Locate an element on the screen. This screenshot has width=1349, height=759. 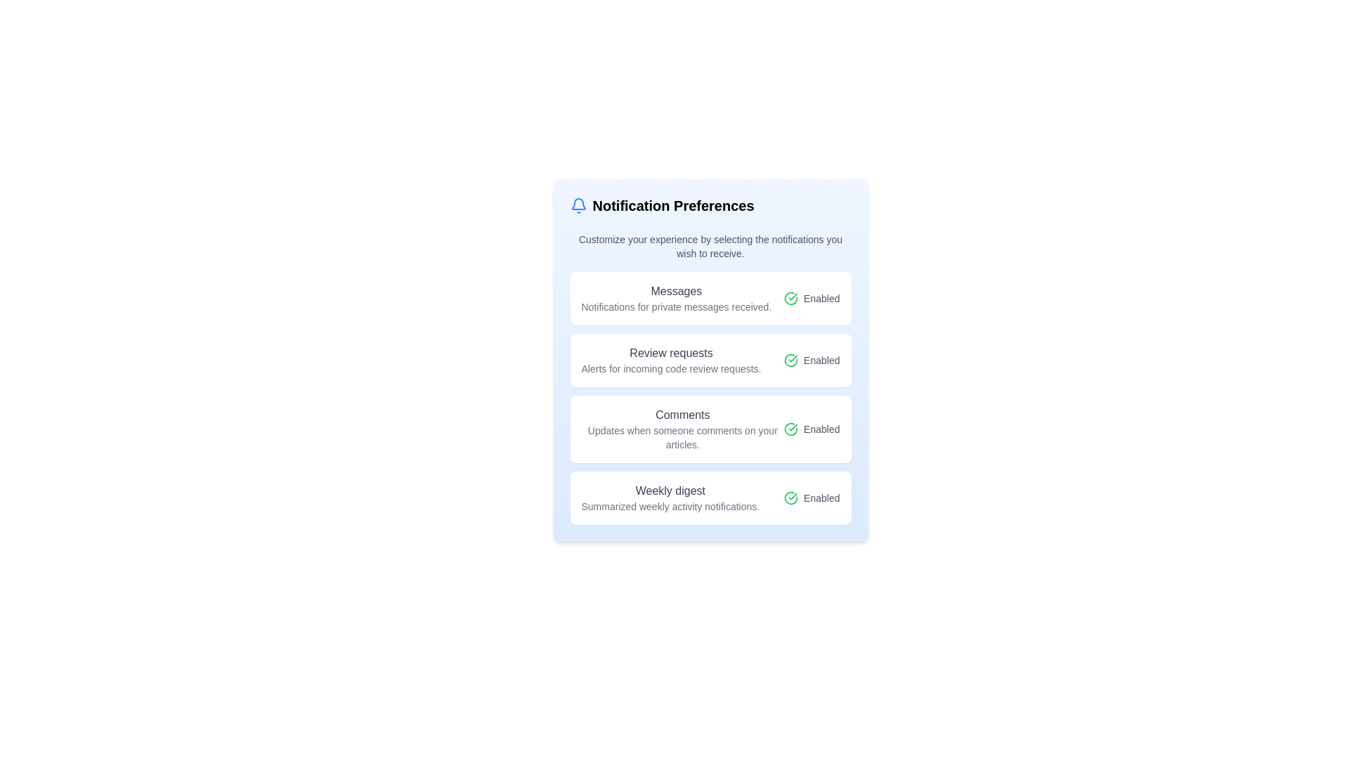
the label with bolded text 'Review requests' and the description 'Alerts for incoming code review requests', located in the second notification setting option card is located at coordinates (670, 360).